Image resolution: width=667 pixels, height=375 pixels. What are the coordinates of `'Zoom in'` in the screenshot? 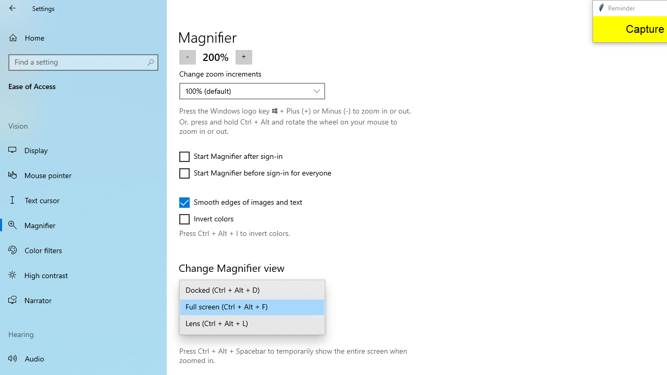 It's located at (243, 56).